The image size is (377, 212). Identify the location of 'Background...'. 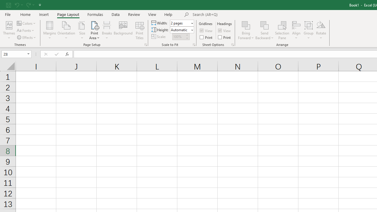
(123, 30).